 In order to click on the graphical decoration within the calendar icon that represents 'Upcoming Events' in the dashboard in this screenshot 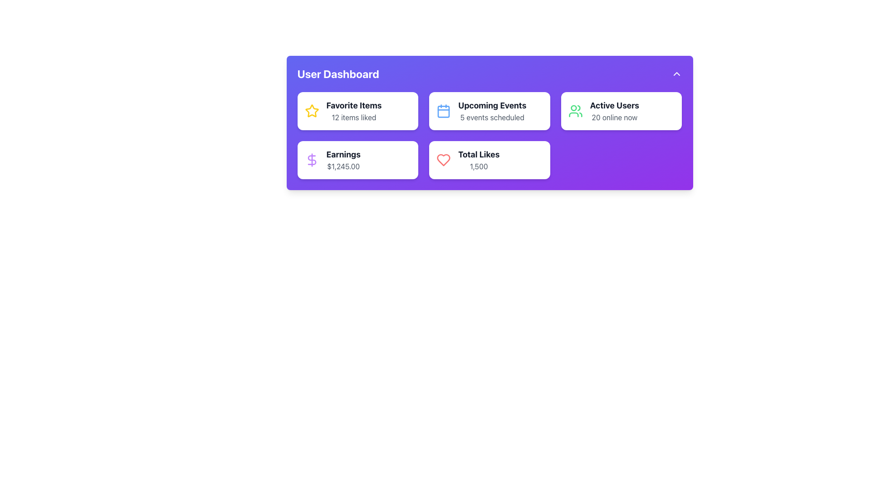, I will do `click(444, 111)`.